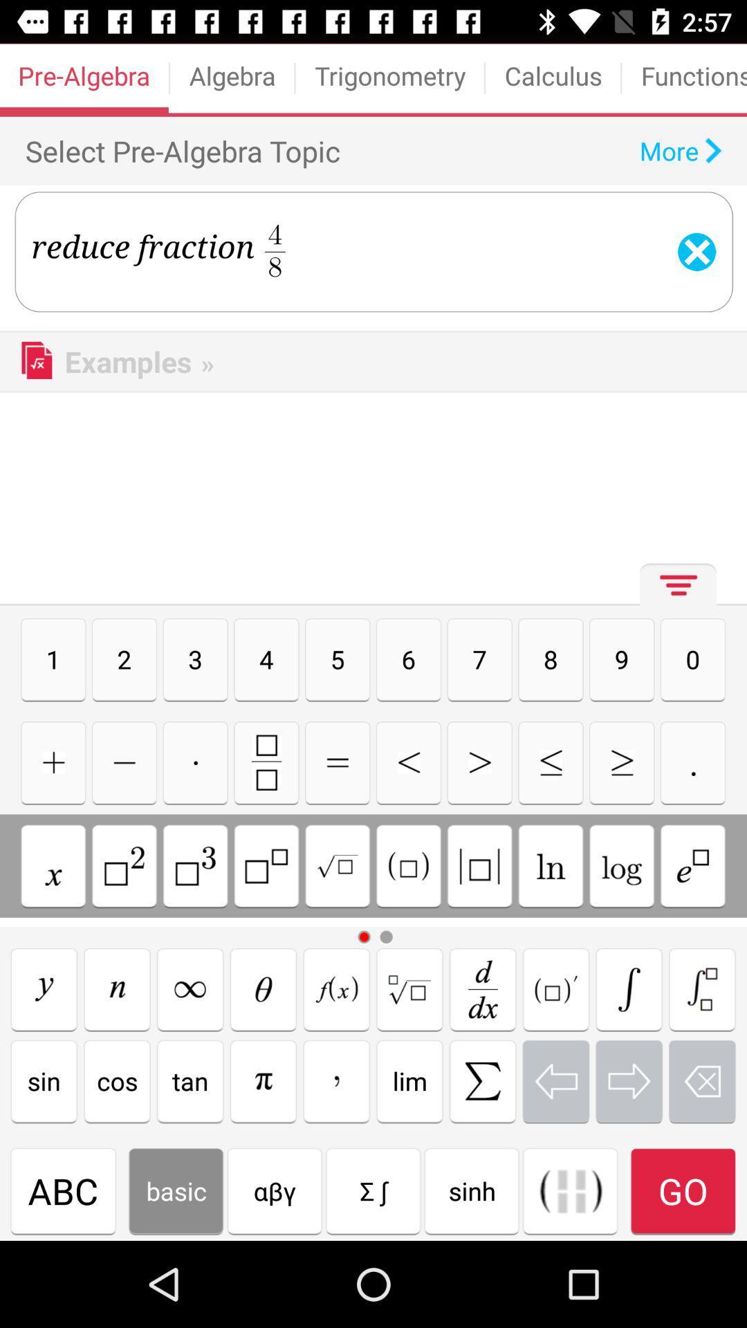 This screenshot has width=747, height=1328. What do you see at coordinates (621, 762) in the screenshot?
I see `greater than or equal to` at bounding box center [621, 762].